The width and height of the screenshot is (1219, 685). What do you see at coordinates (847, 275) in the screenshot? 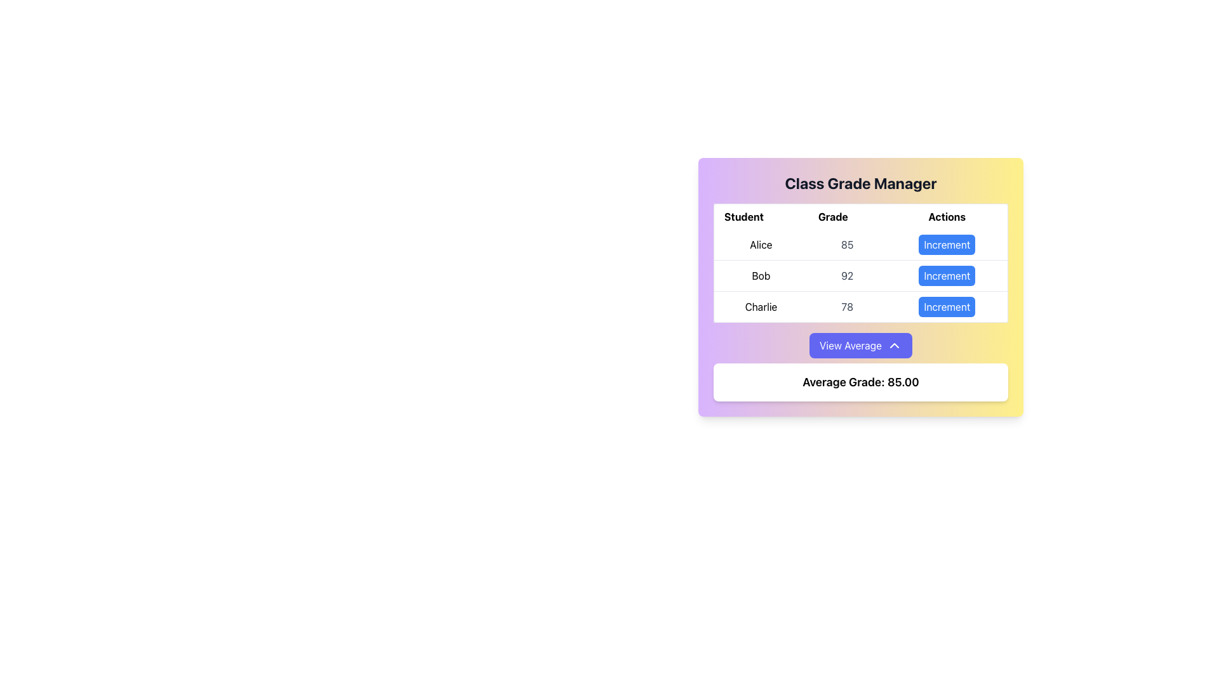
I see `the numerical grade label displaying '92' for the student 'Bob' in the table` at bounding box center [847, 275].